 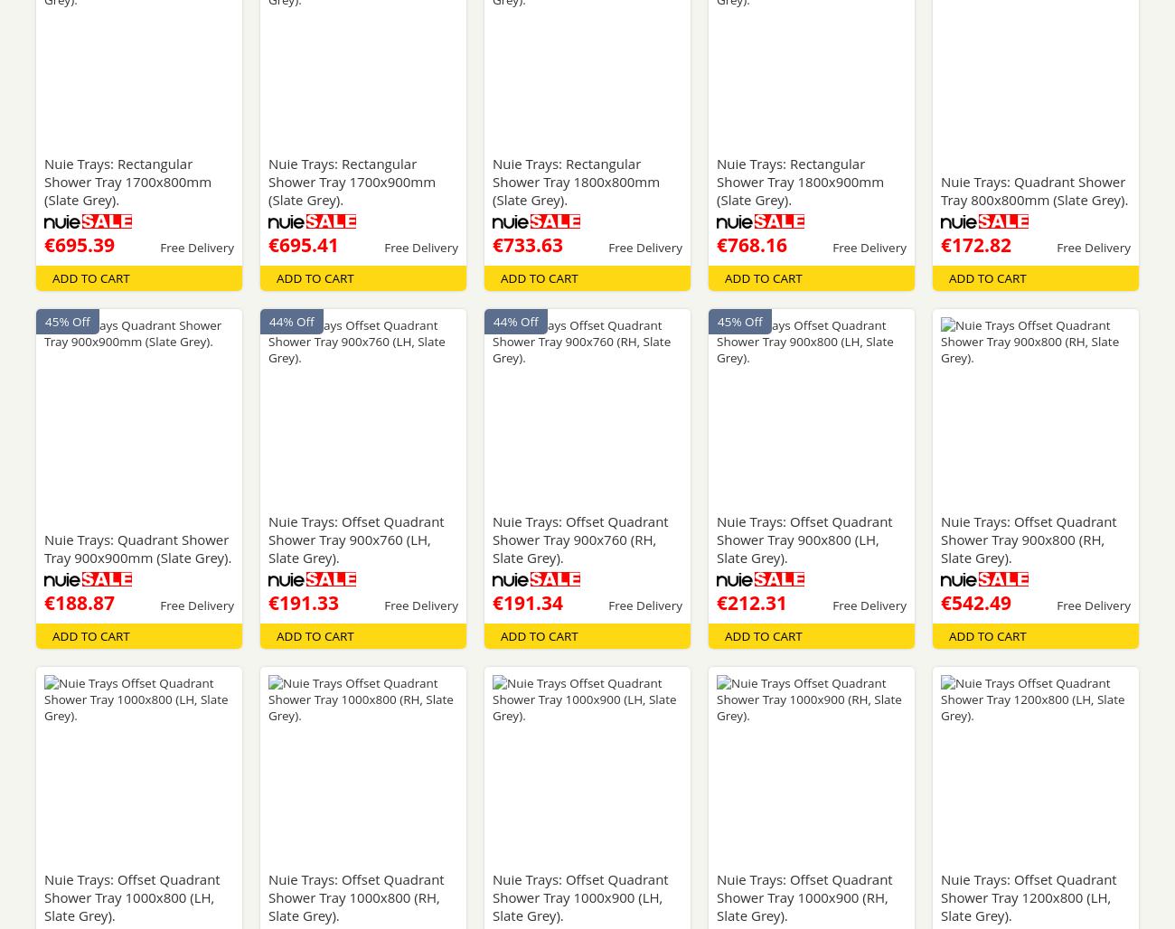 What do you see at coordinates (79, 244) in the screenshot?
I see `'€695.39'` at bounding box center [79, 244].